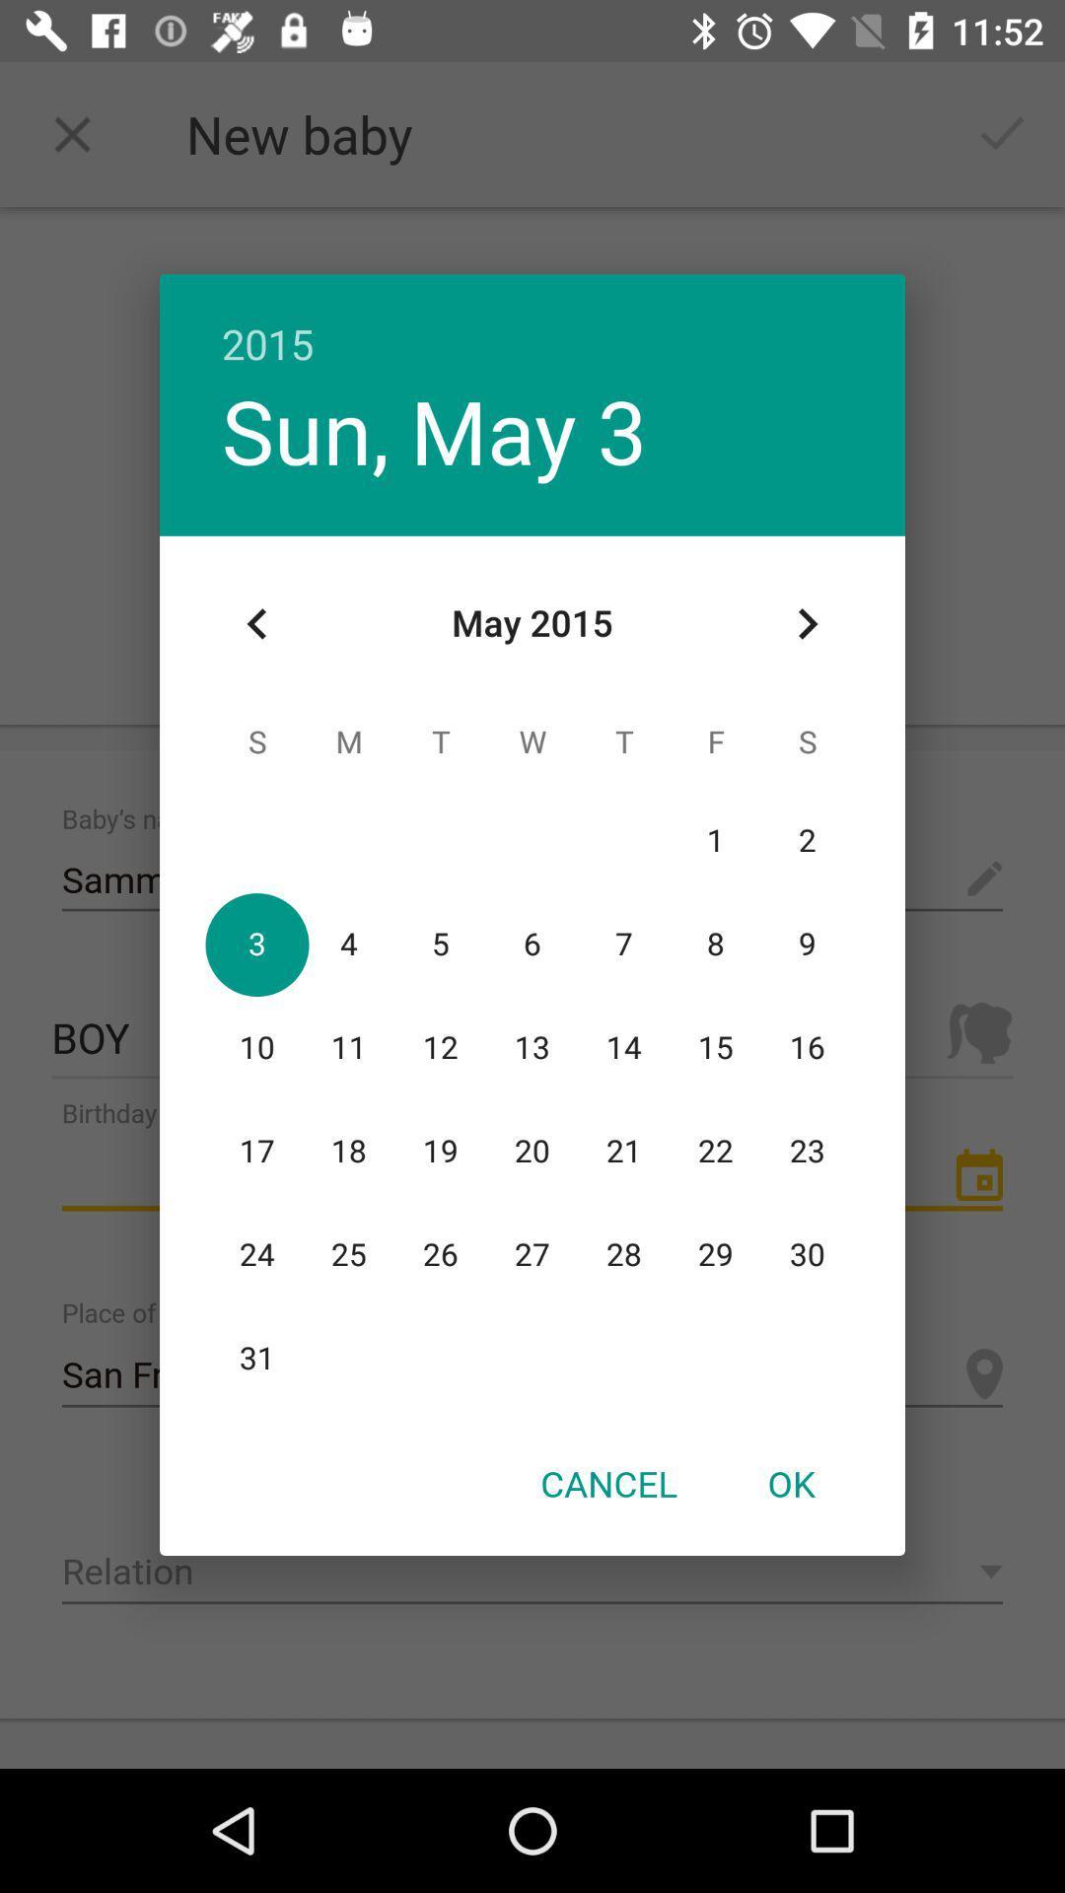 The image size is (1065, 1893). I want to click on the icon above the sun, may 3 item, so click(532, 322).